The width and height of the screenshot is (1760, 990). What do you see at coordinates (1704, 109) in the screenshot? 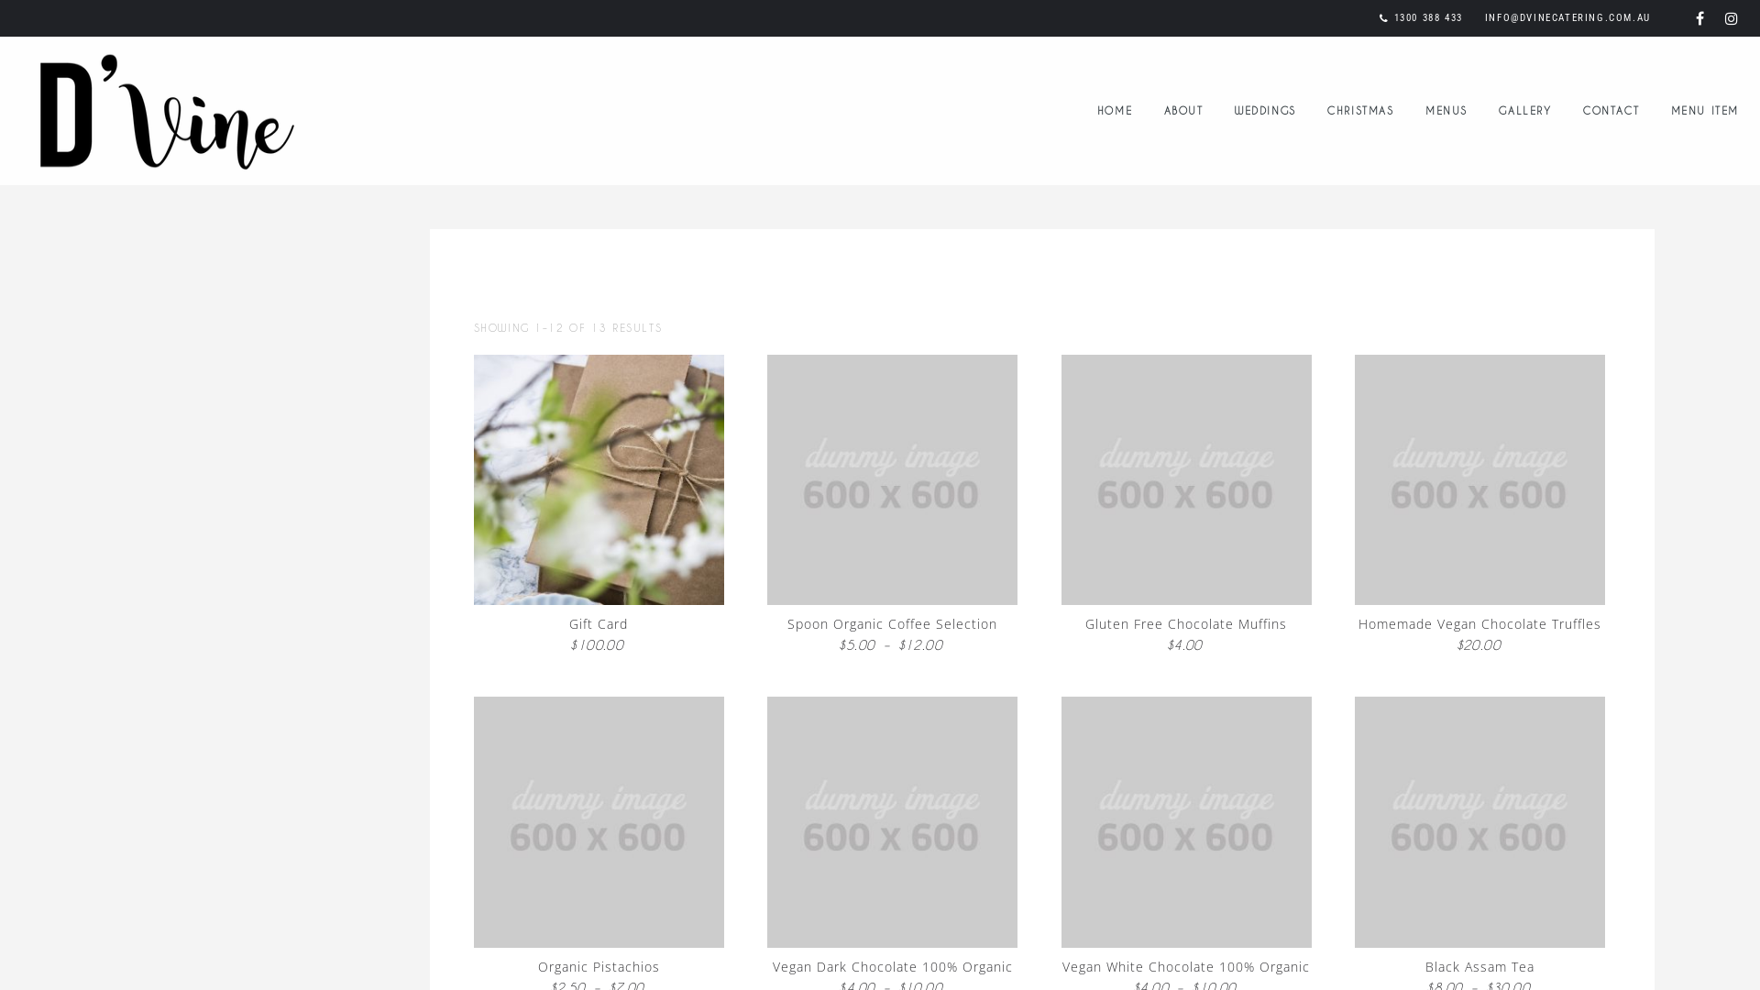
I see `'MENU ITEM'` at bounding box center [1704, 109].